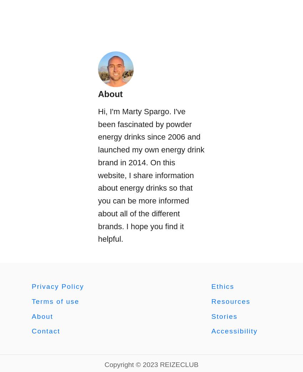 This screenshot has height=372, width=303. I want to click on 'Contact', so click(46, 331).